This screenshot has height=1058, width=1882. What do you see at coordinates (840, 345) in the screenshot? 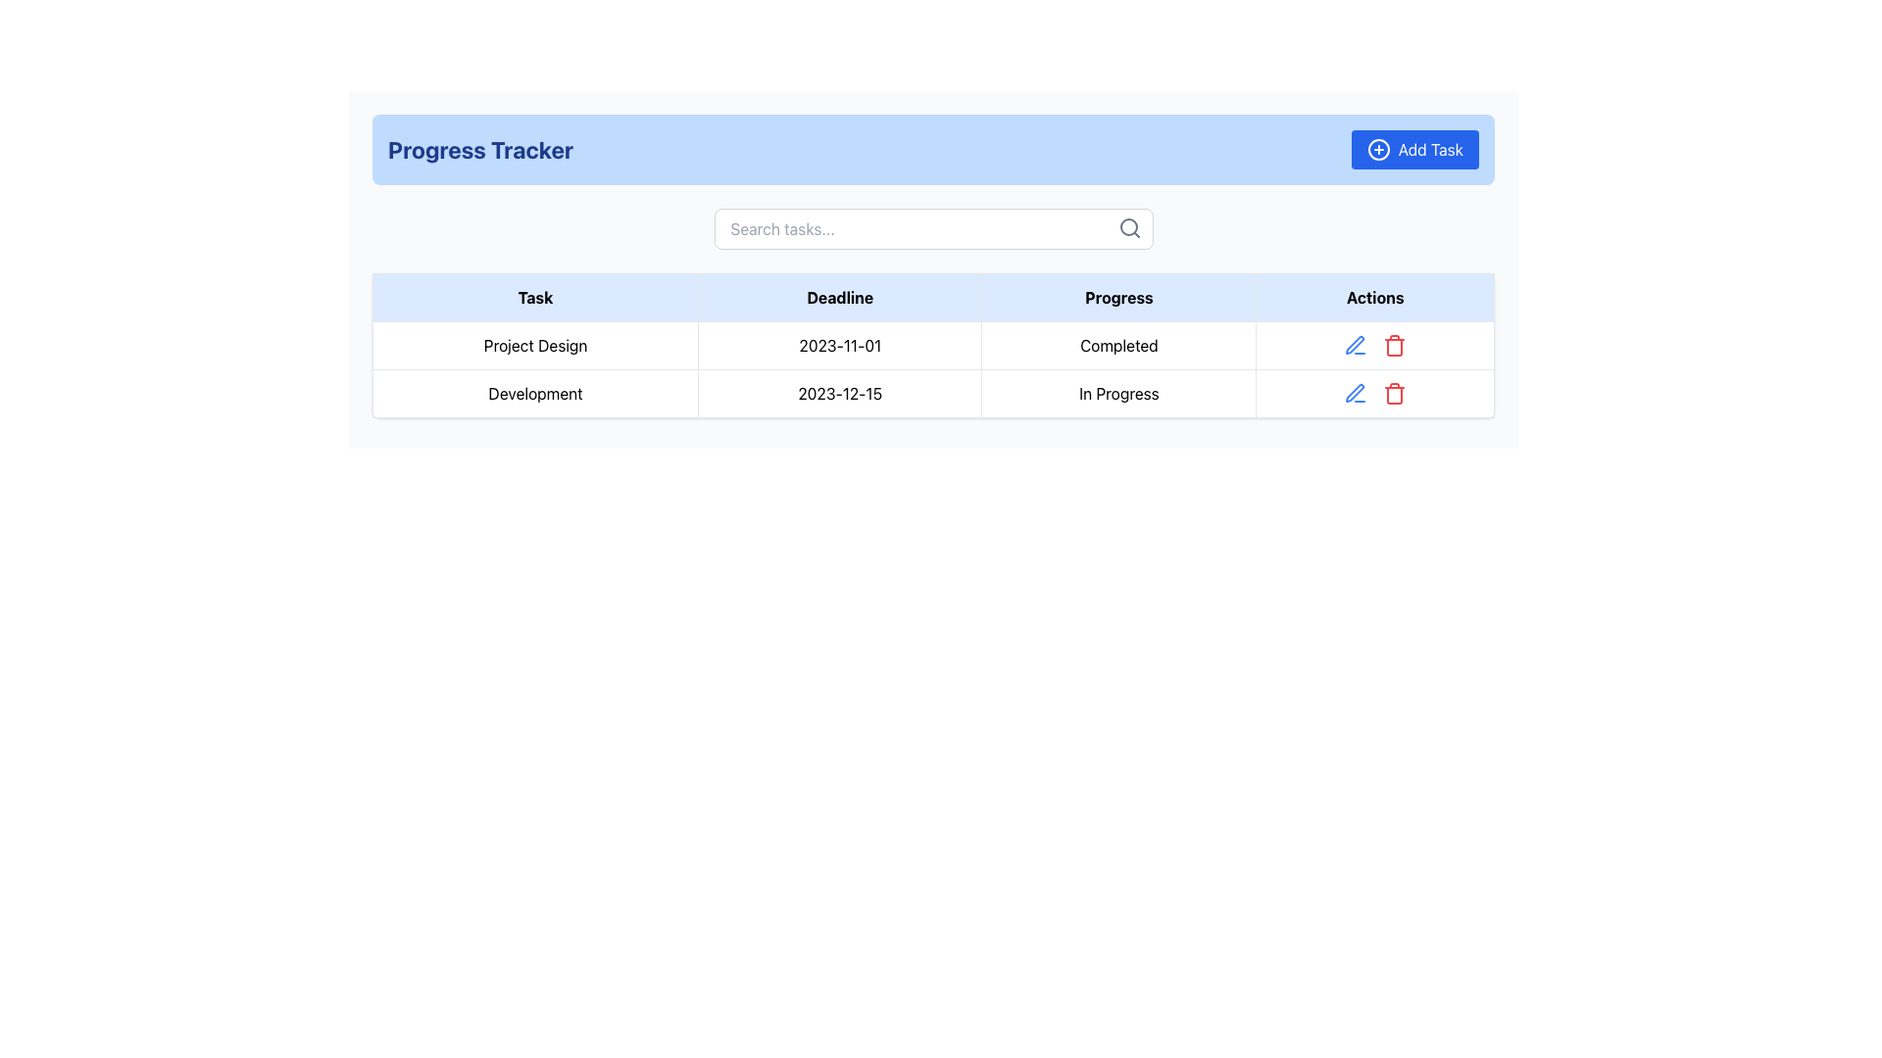
I see `the Text element displaying the deadline date for 'Project Design' in the second column of the table` at bounding box center [840, 345].